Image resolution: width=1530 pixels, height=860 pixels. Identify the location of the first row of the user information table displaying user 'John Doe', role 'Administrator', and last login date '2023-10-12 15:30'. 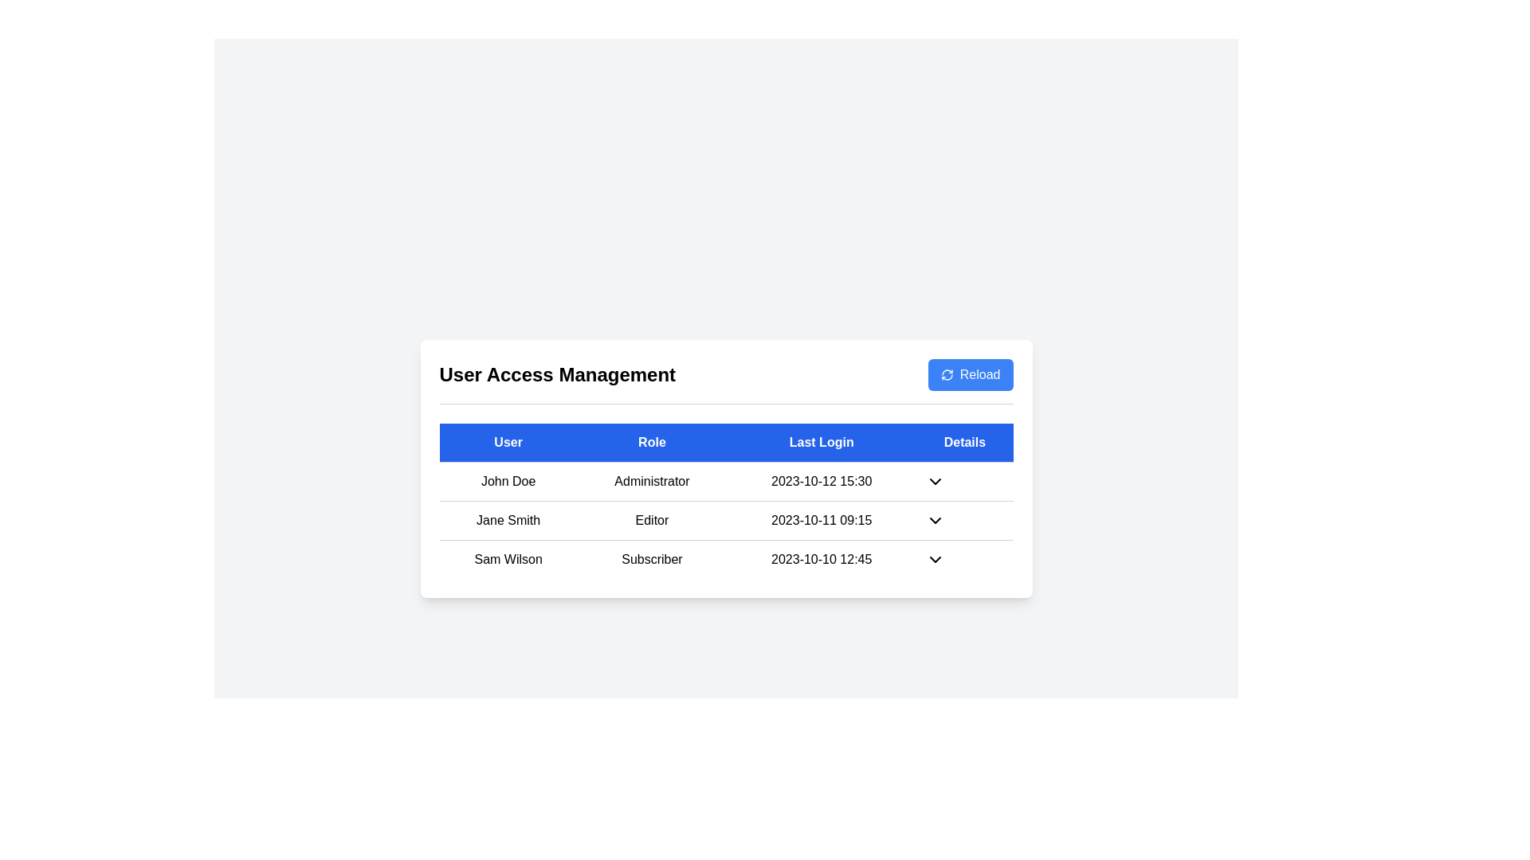
(725, 481).